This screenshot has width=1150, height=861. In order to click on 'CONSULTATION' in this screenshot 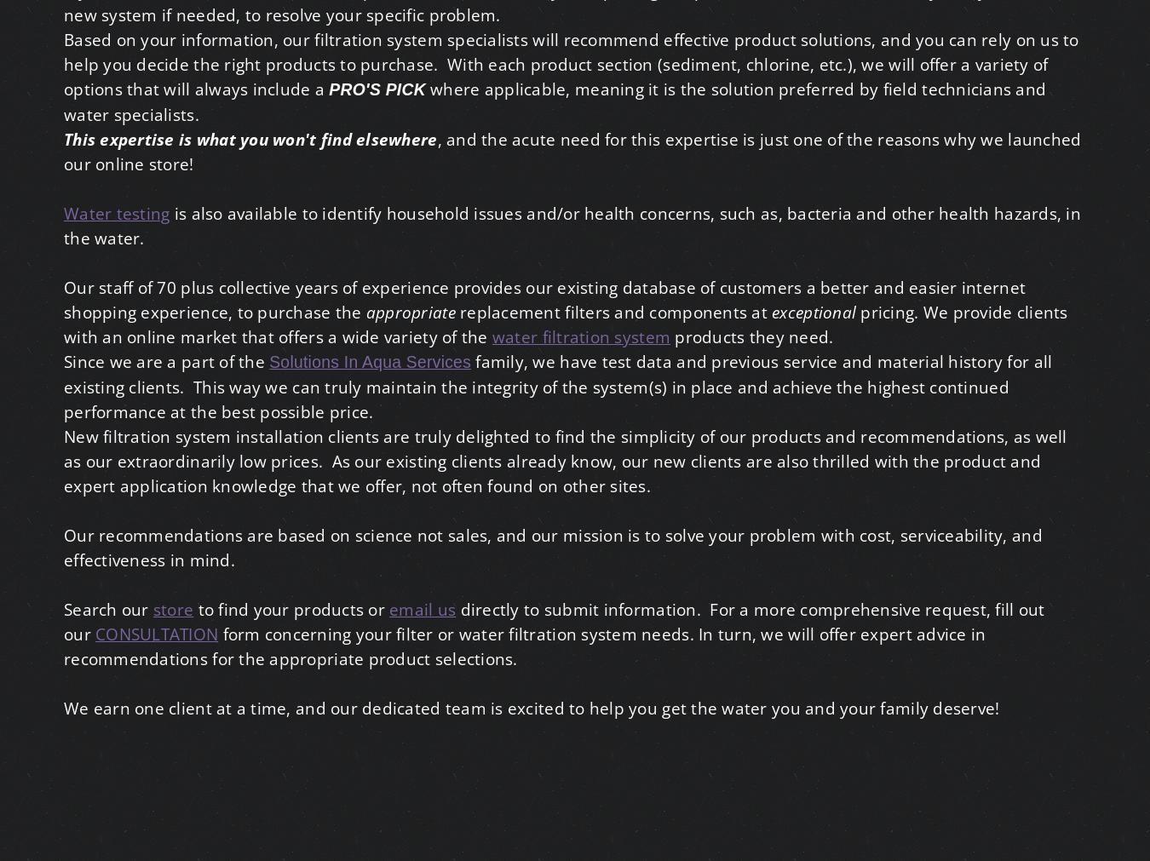, I will do `click(157, 633)`.